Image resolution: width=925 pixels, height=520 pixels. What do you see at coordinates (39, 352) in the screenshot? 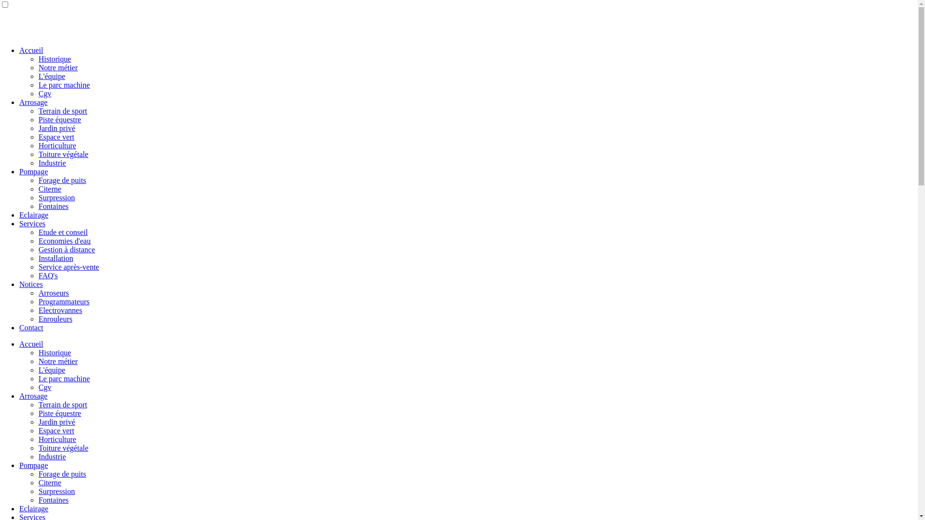
I see `'Historique'` at bounding box center [39, 352].